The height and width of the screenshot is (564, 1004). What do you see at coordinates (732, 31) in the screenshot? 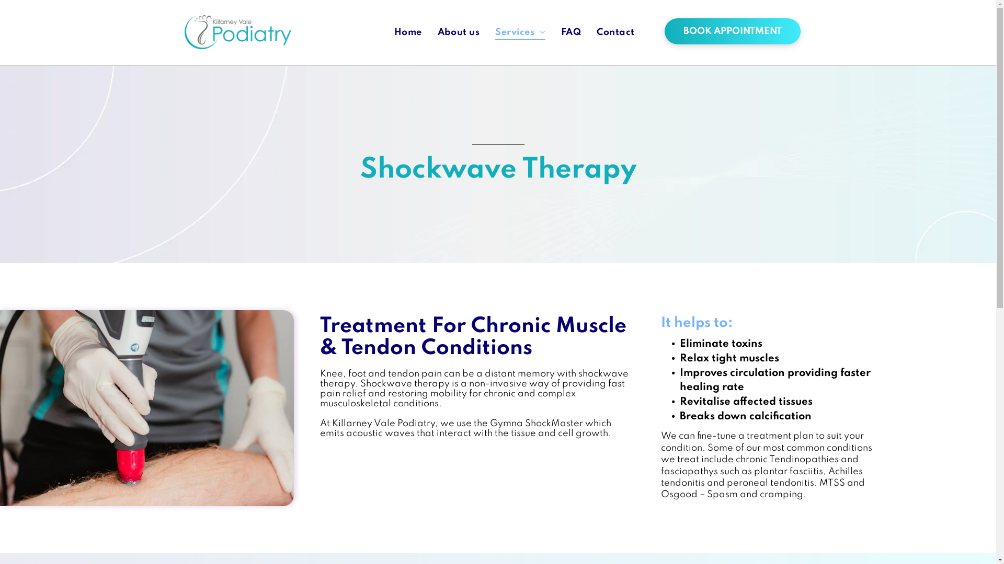
I see `'BOOK APPOINTMENT'` at bounding box center [732, 31].